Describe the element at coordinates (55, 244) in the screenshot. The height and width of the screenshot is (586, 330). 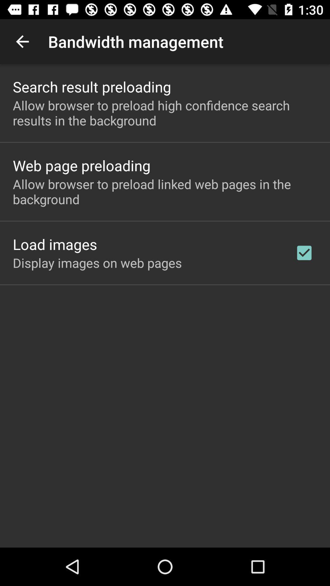
I see `the item below the allow browser to app` at that location.